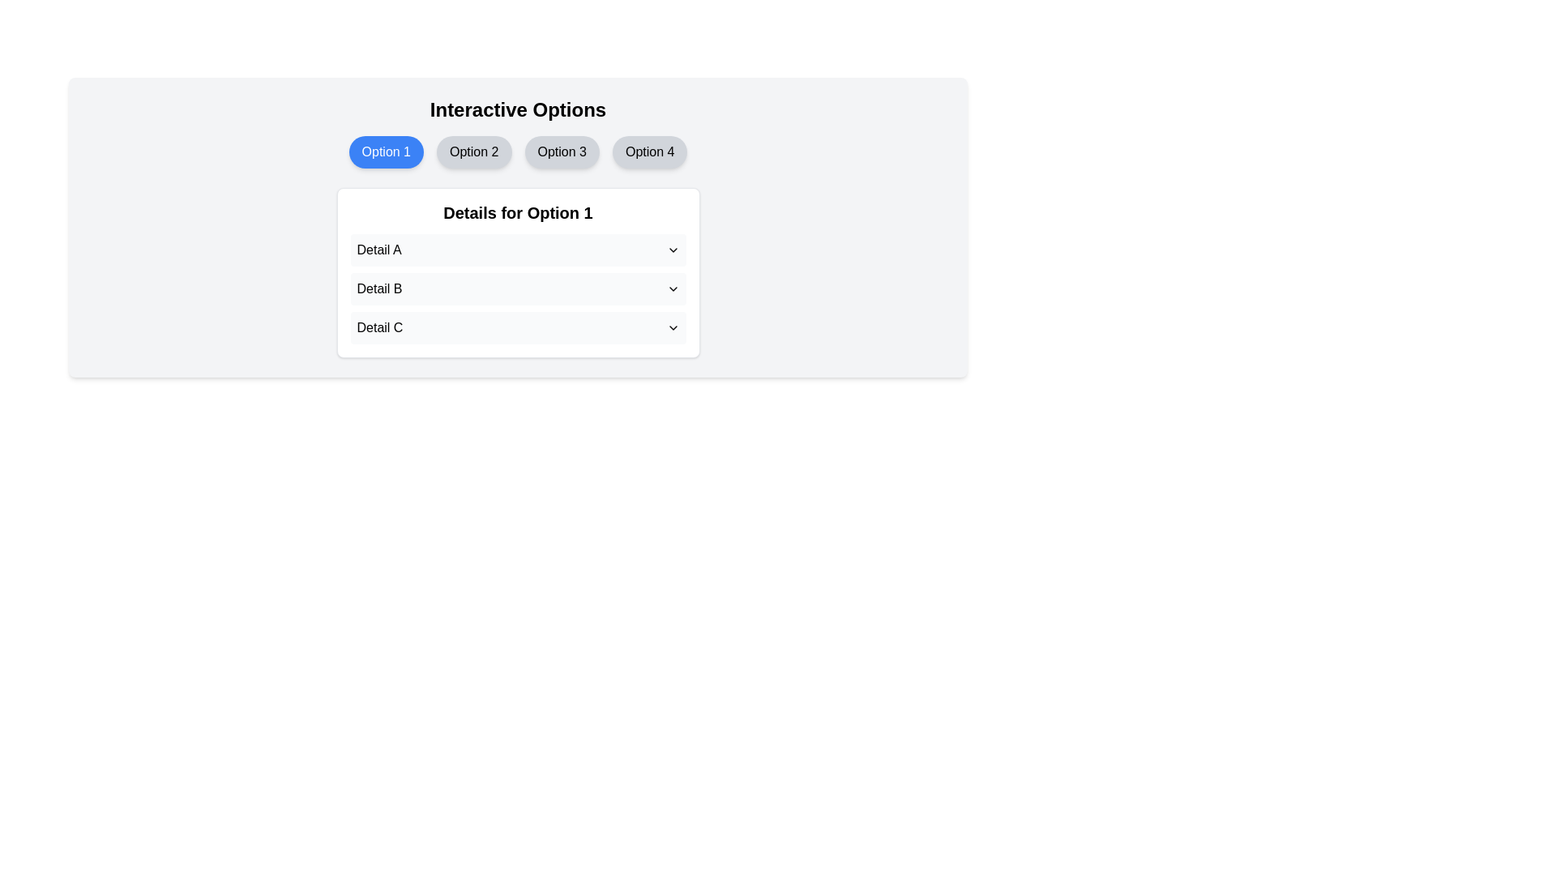  Describe the element at coordinates (649, 152) in the screenshot. I see `the button labeled 'Option 4', which has rounded edges, a gray background, and black centered text` at that location.